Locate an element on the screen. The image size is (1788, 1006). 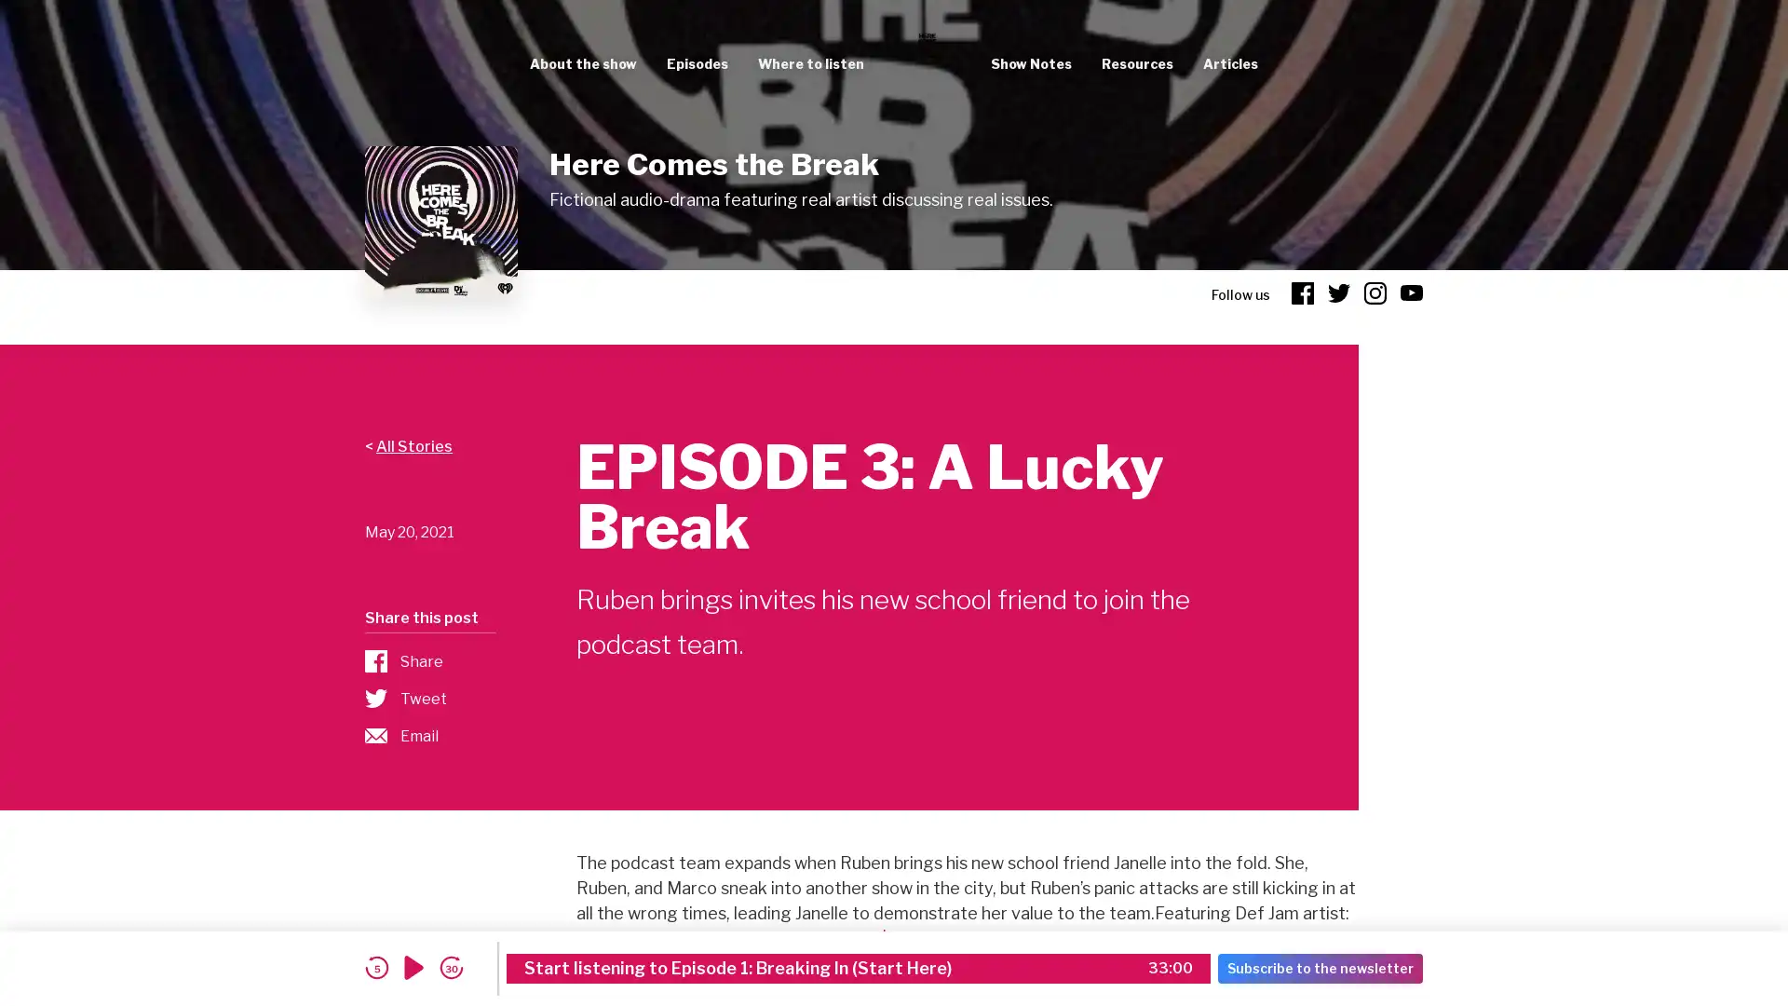
Twitter Tweet is located at coordinates (428, 698).